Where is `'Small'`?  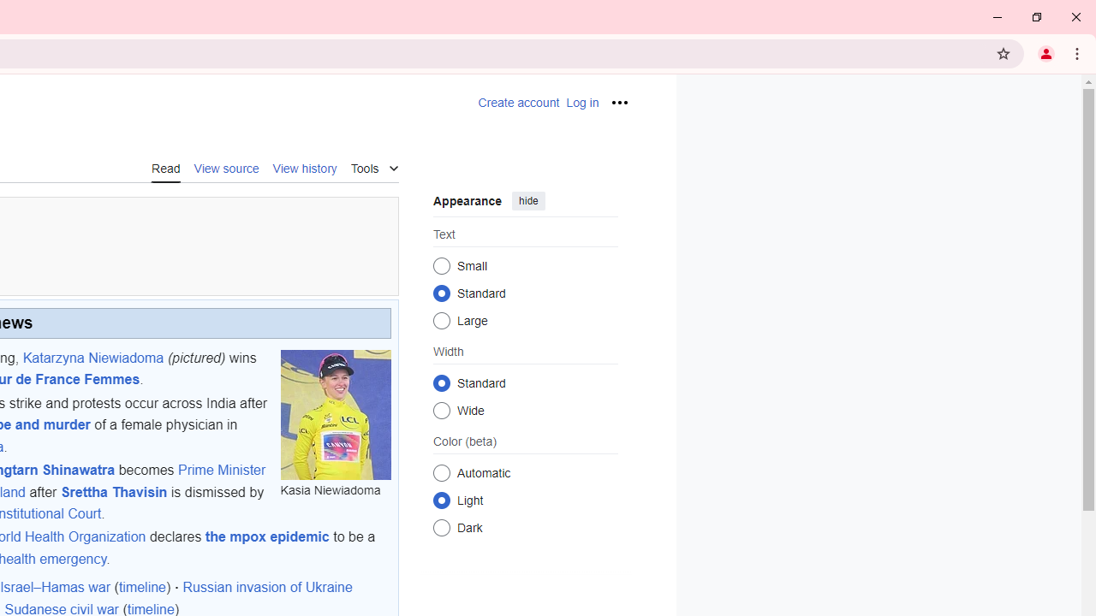
'Small' is located at coordinates (441, 265).